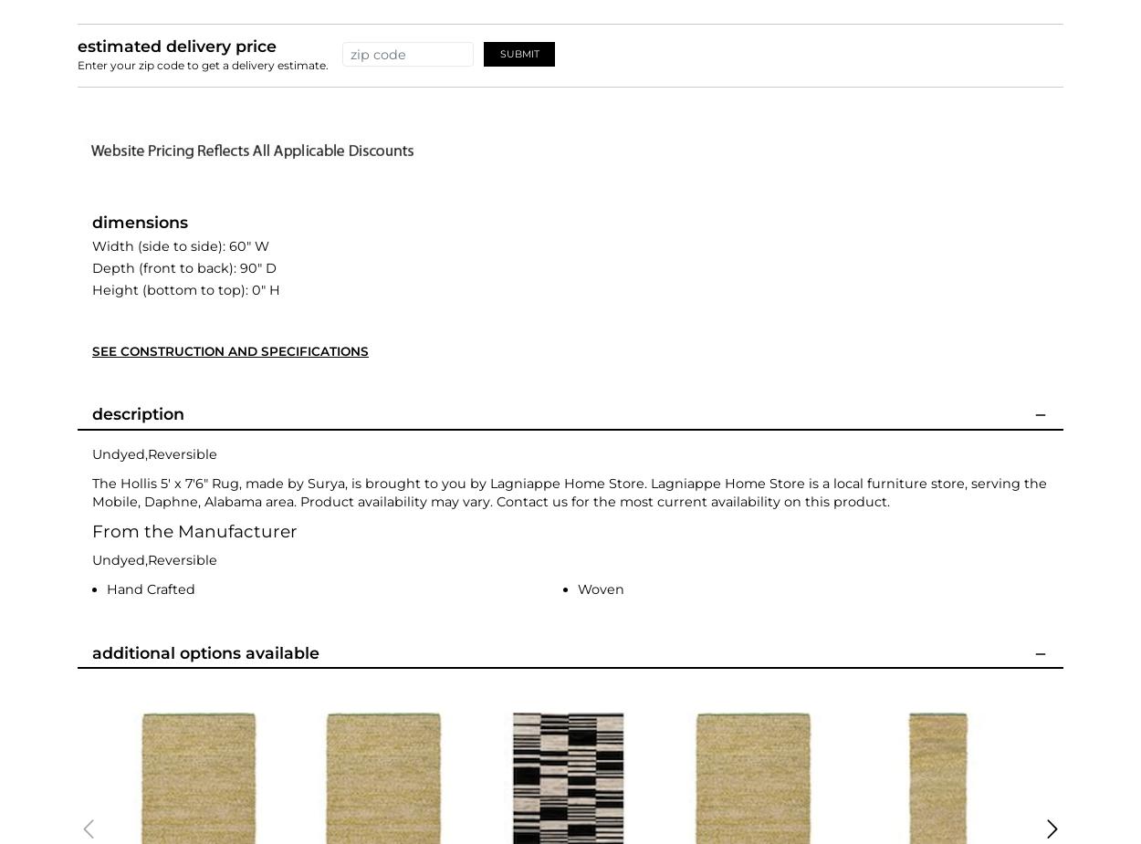  Describe the element at coordinates (91, 412) in the screenshot. I see `'Description'` at that location.